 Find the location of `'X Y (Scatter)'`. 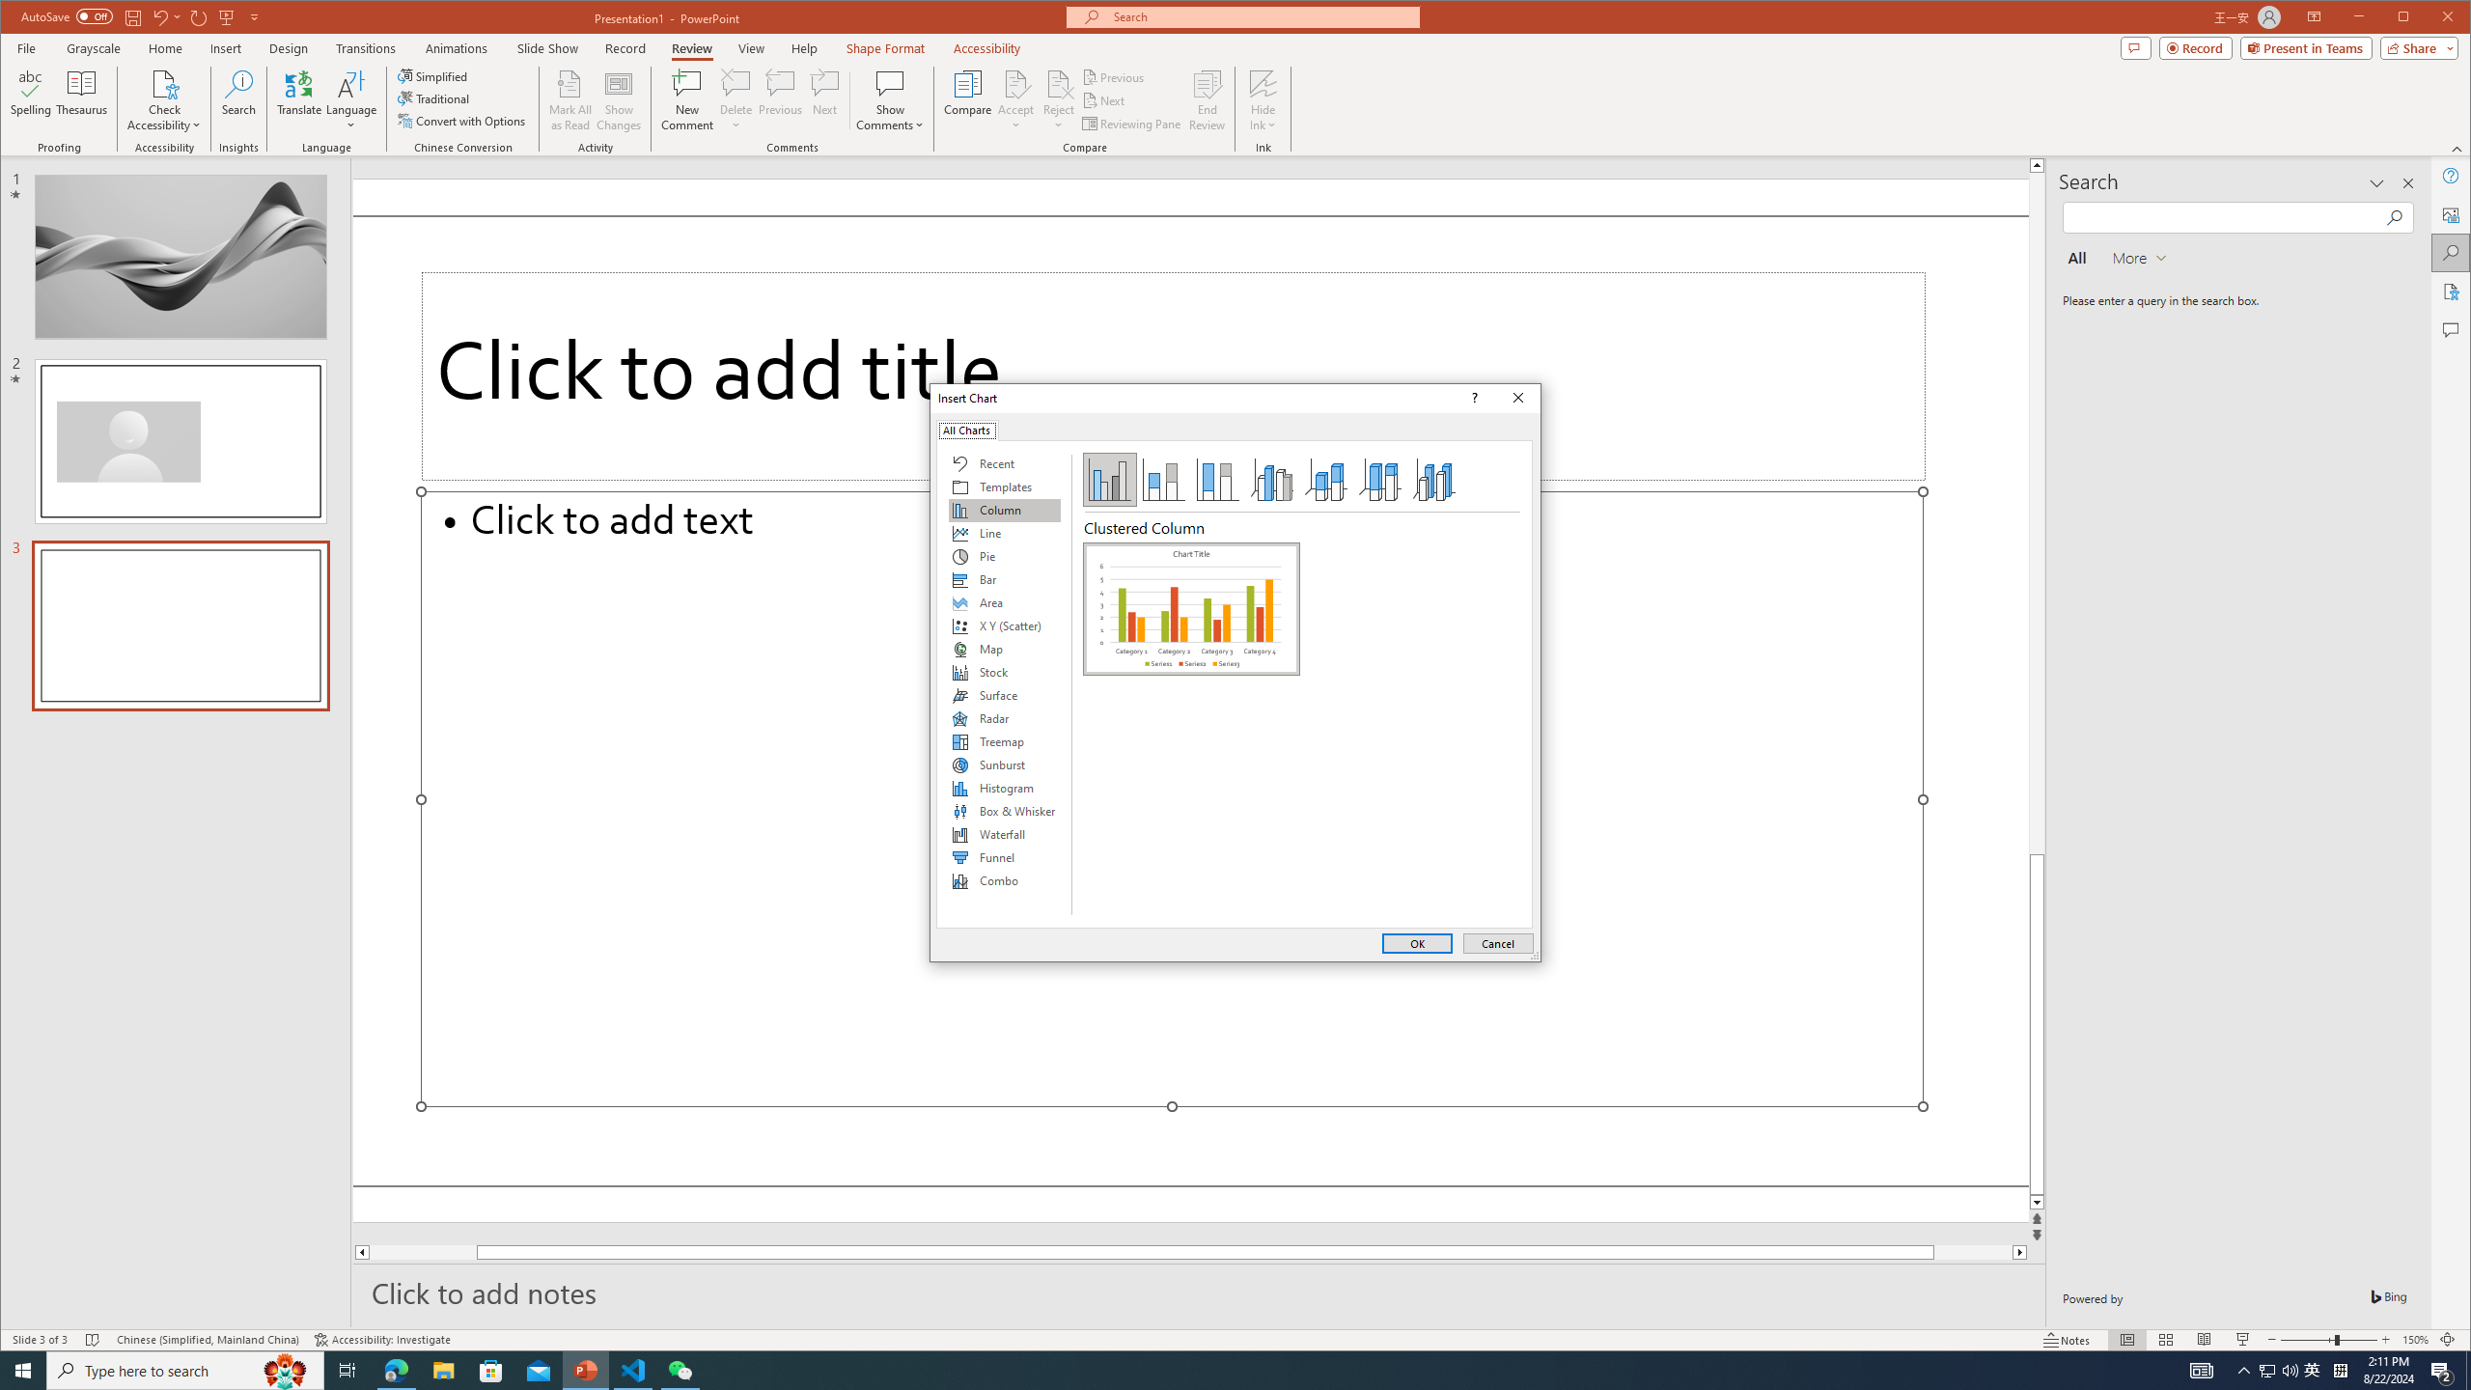

'X Y (Scatter)' is located at coordinates (1003, 625).